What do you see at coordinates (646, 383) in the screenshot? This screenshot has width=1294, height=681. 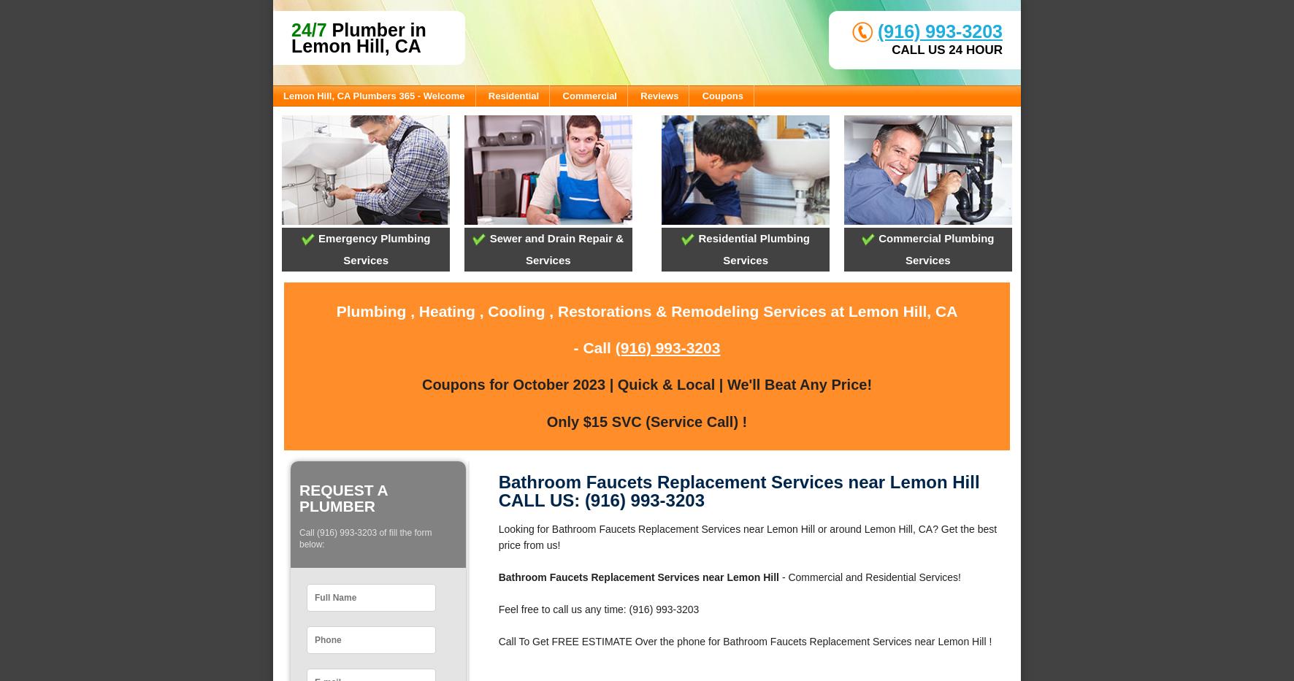 I see `'Coupons for October 2023 | Quick & Local | We'll Beat Any Price!'` at bounding box center [646, 383].